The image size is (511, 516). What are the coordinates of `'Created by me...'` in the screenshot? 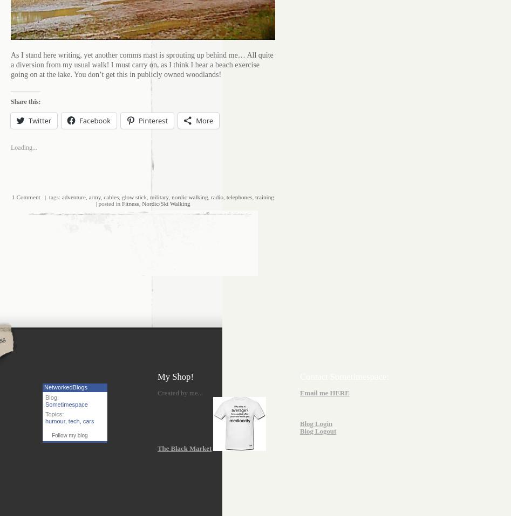 It's located at (180, 393).